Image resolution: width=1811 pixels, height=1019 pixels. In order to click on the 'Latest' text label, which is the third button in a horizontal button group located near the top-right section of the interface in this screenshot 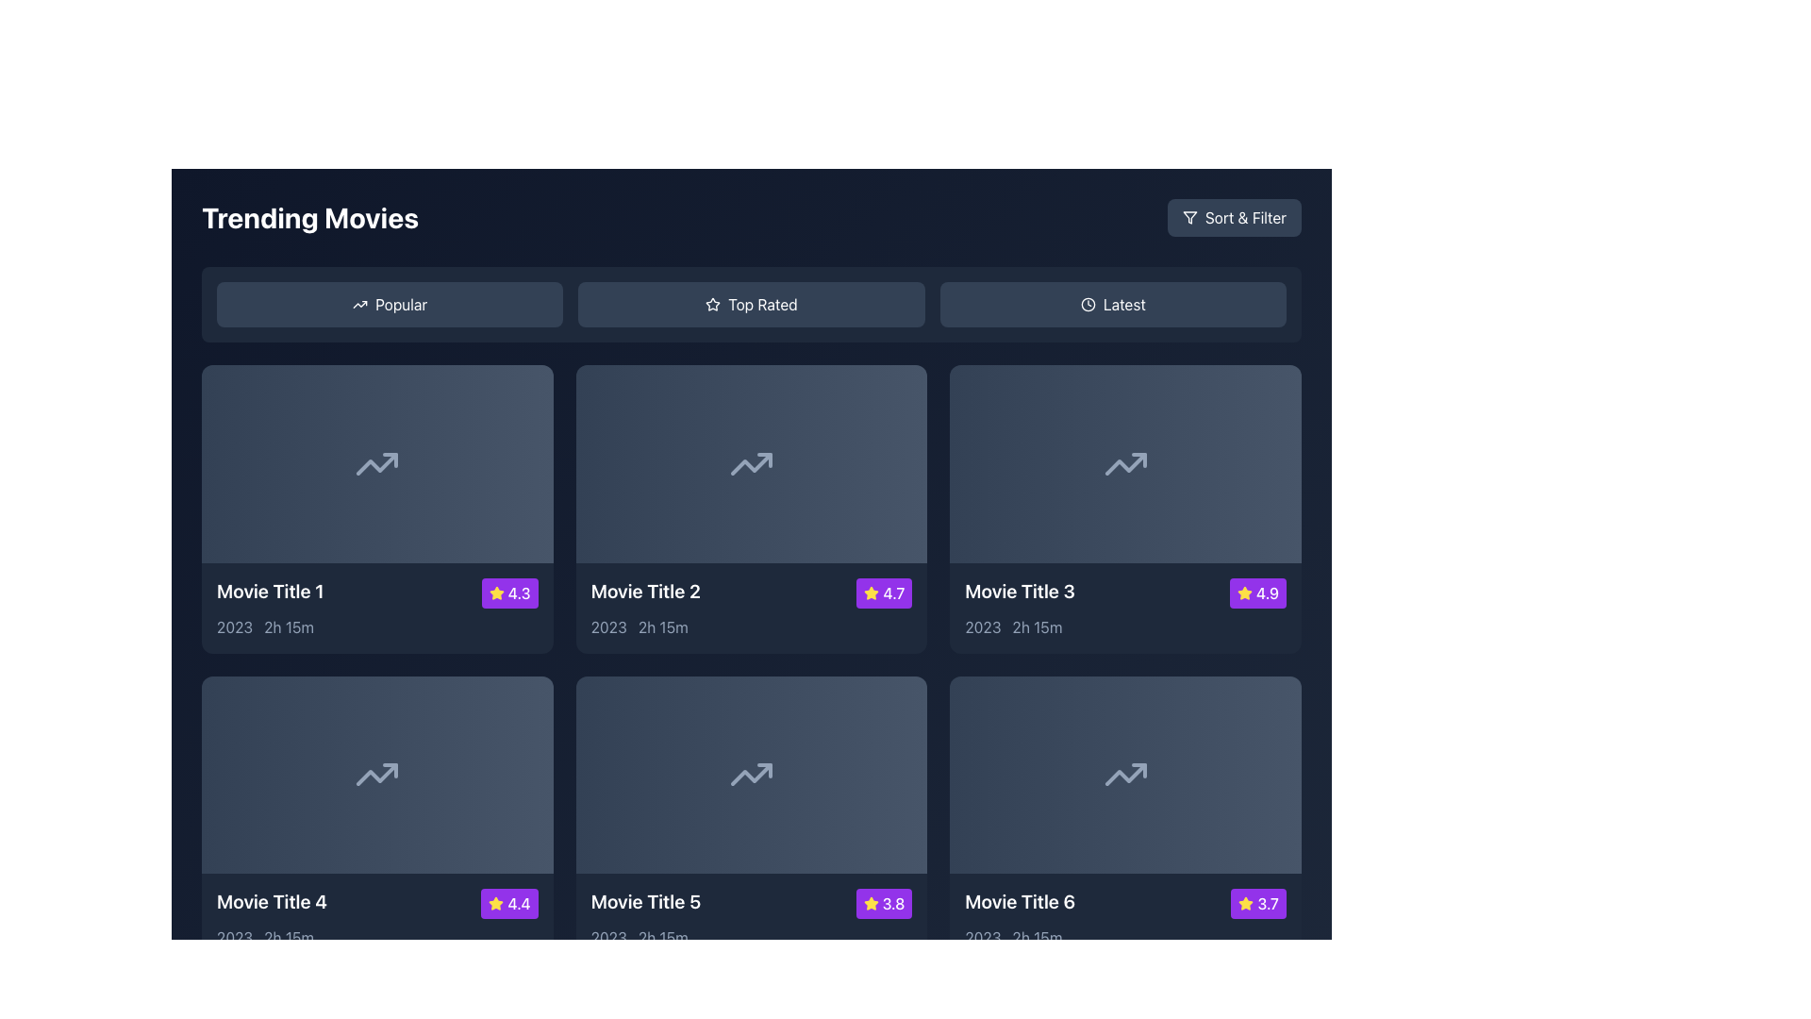, I will do `click(1123, 304)`.